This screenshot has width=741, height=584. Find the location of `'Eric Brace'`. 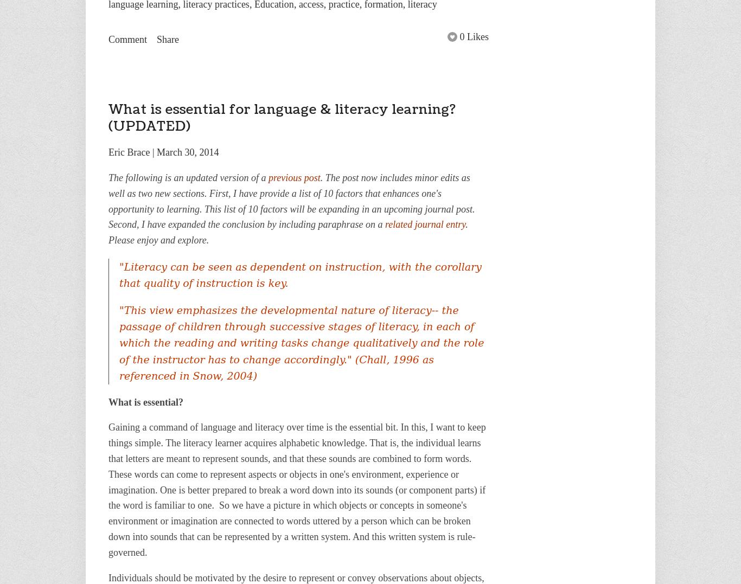

'Eric Brace' is located at coordinates (107, 151).